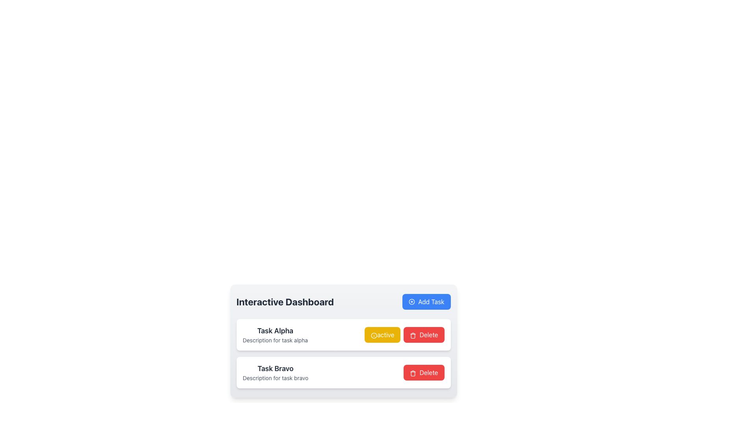  I want to click on the 'pending' button with rounded edges located in the second task row labeled 'Task Bravo', so click(379, 372).